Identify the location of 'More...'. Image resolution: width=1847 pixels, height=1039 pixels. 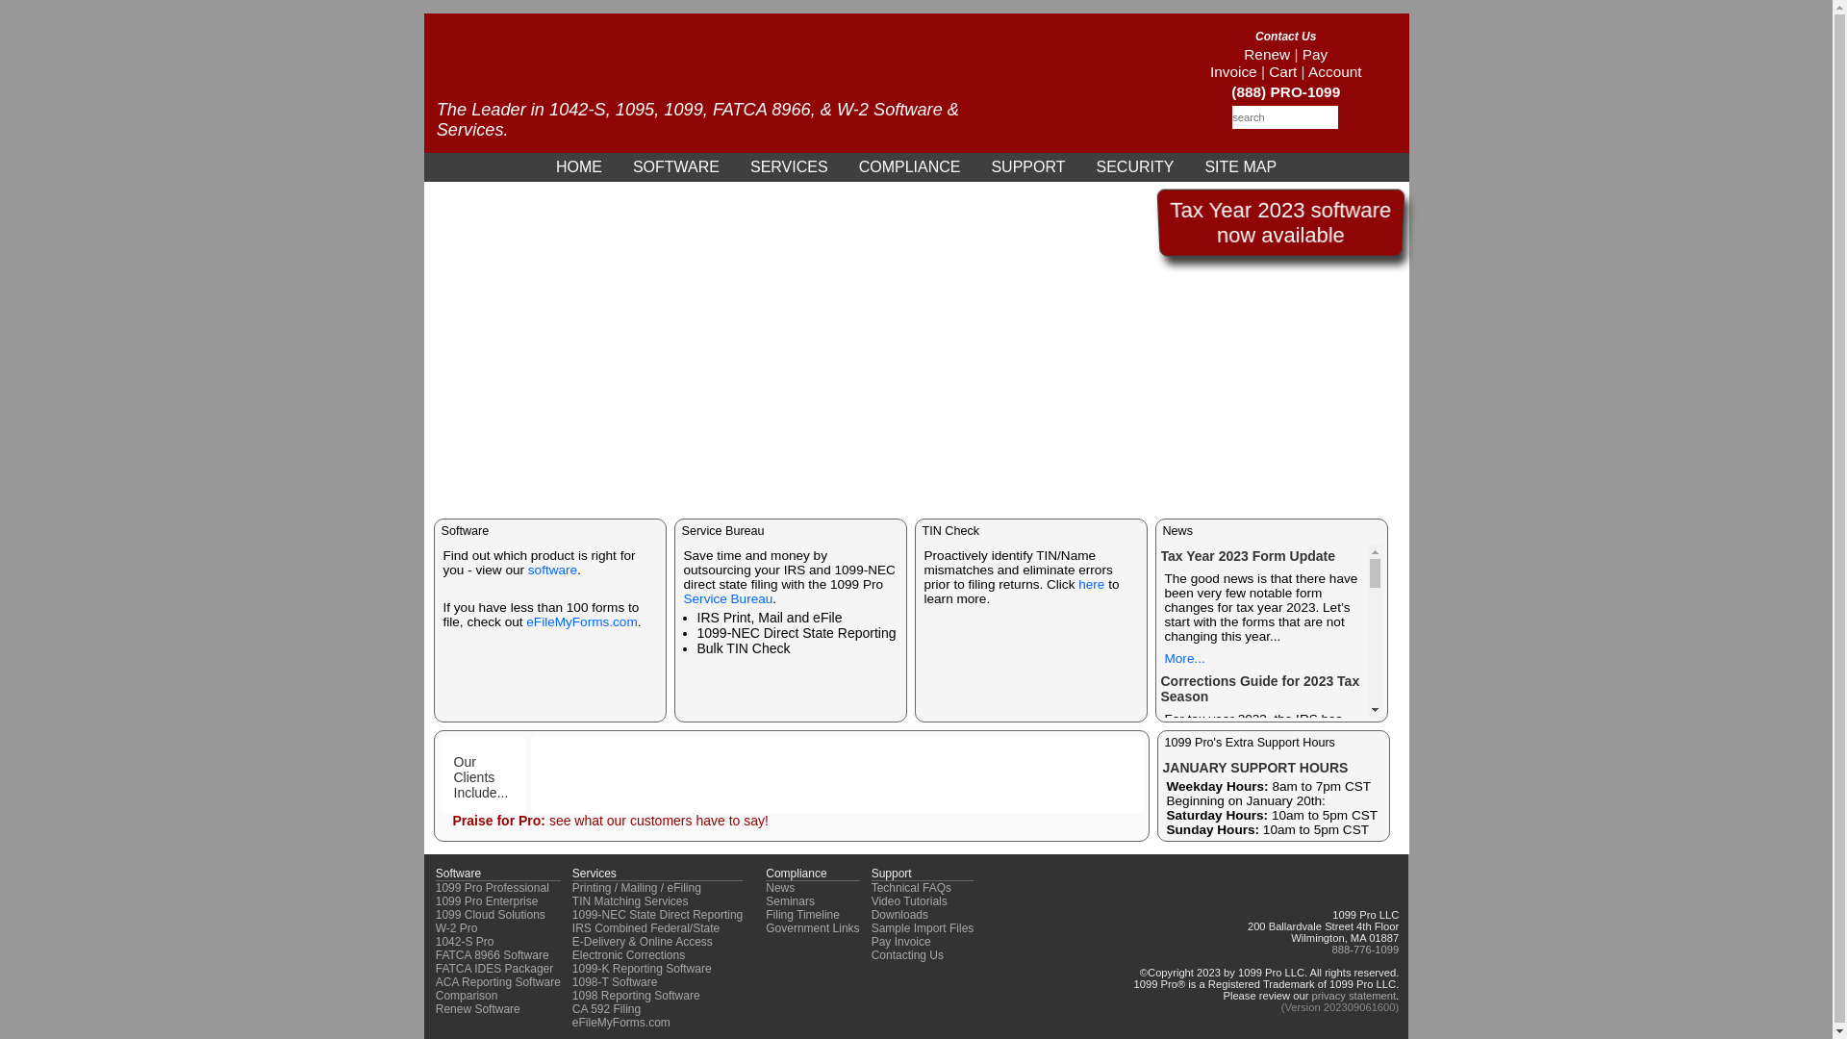
(1182, 657).